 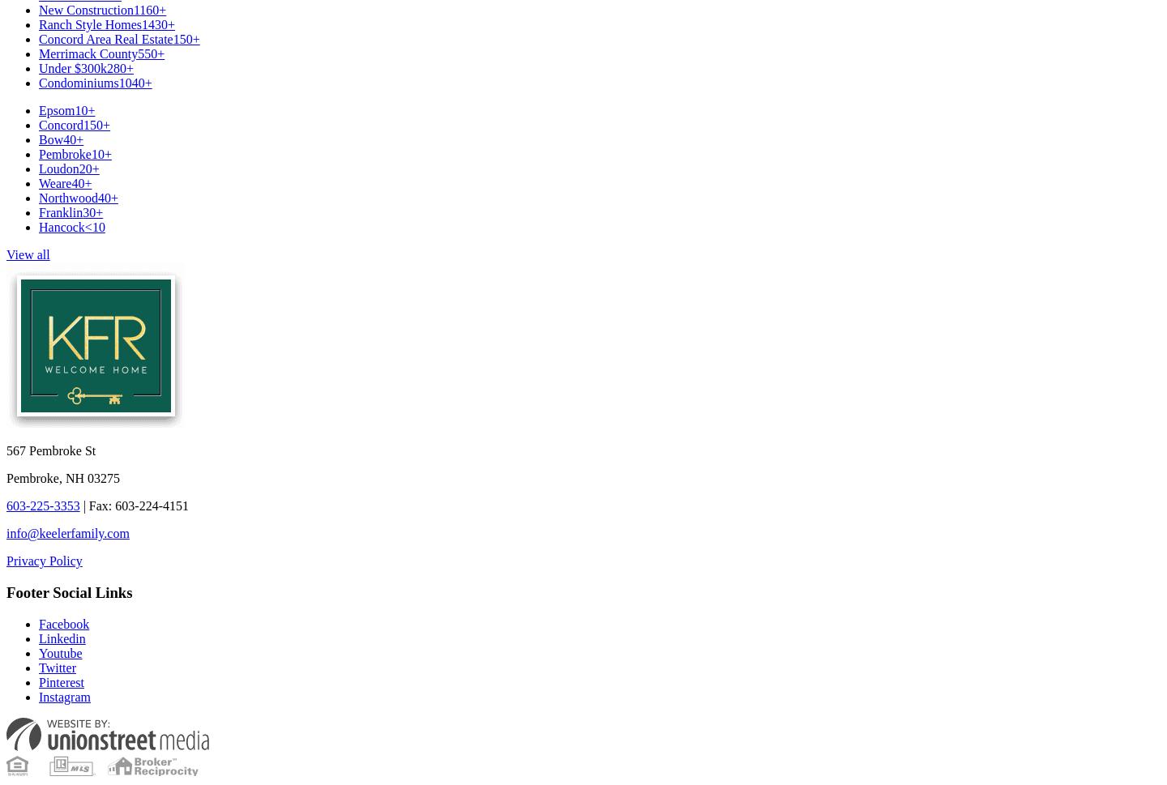 What do you see at coordinates (37, 637) in the screenshot?
I see `'Linkedin'` at bounding box center [37, 637].